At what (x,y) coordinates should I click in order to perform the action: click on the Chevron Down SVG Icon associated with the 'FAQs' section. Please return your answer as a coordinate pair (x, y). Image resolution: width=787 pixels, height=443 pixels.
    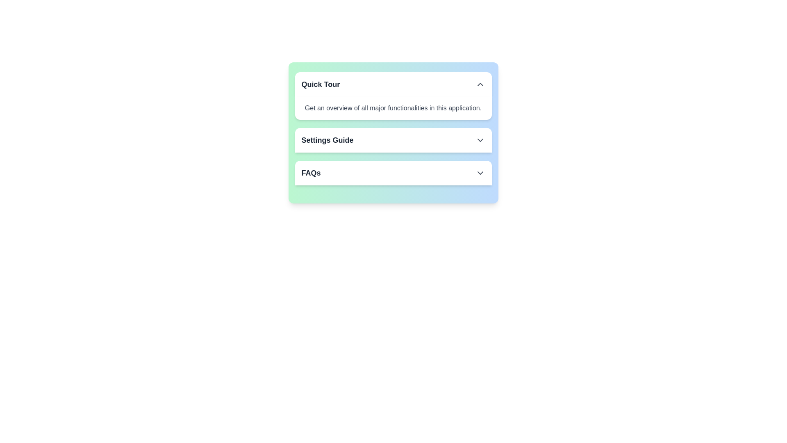
    Looking at the image, I should click on (480, 172).